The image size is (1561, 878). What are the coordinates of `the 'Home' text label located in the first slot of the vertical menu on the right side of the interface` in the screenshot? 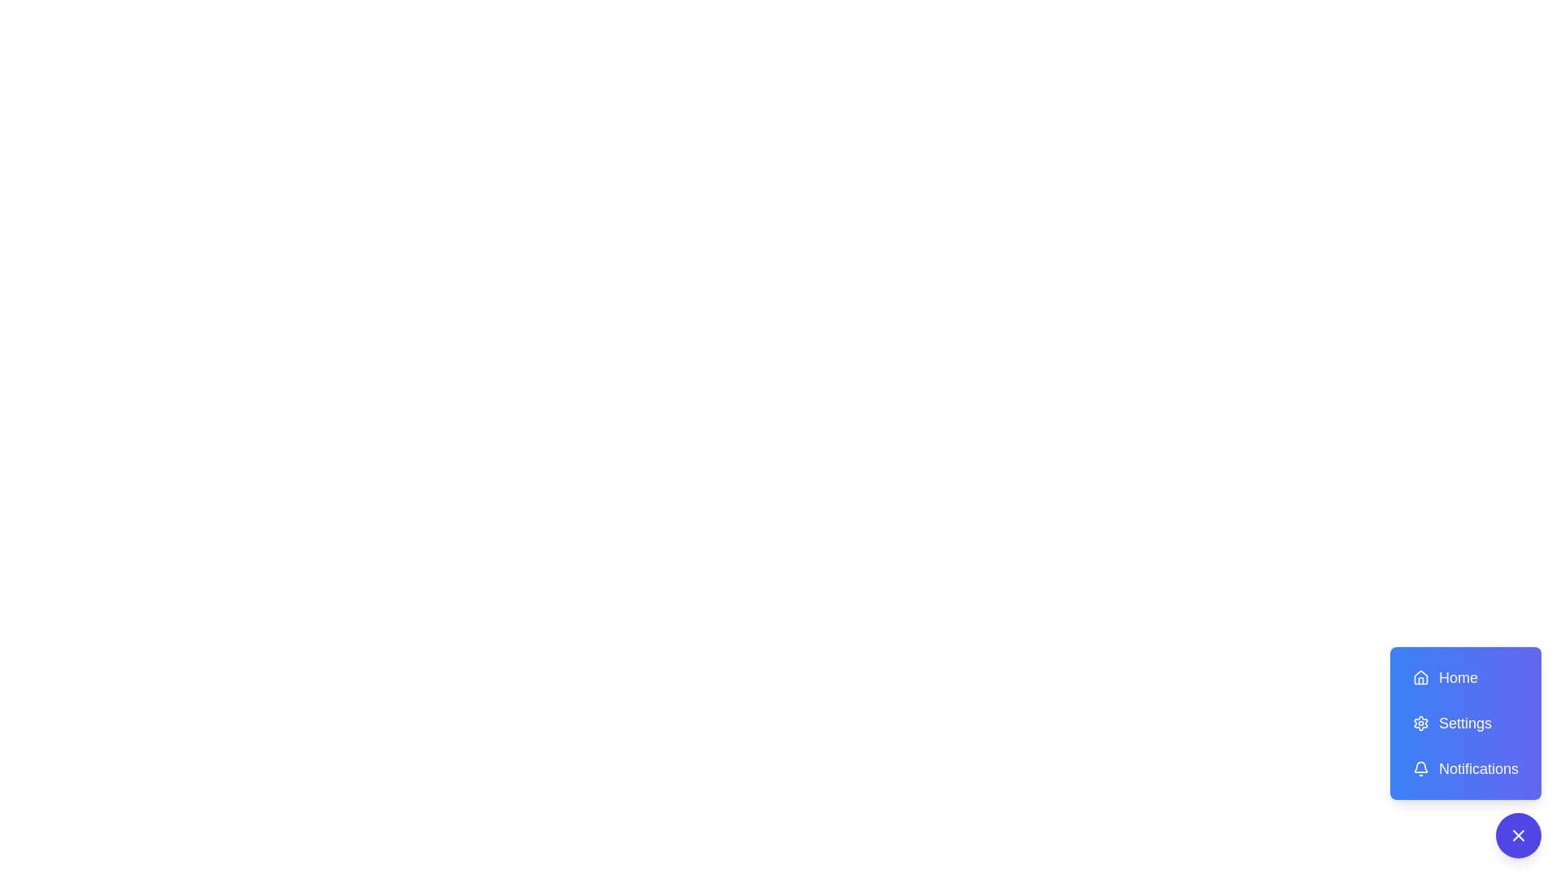 It's located at (1459, 677).